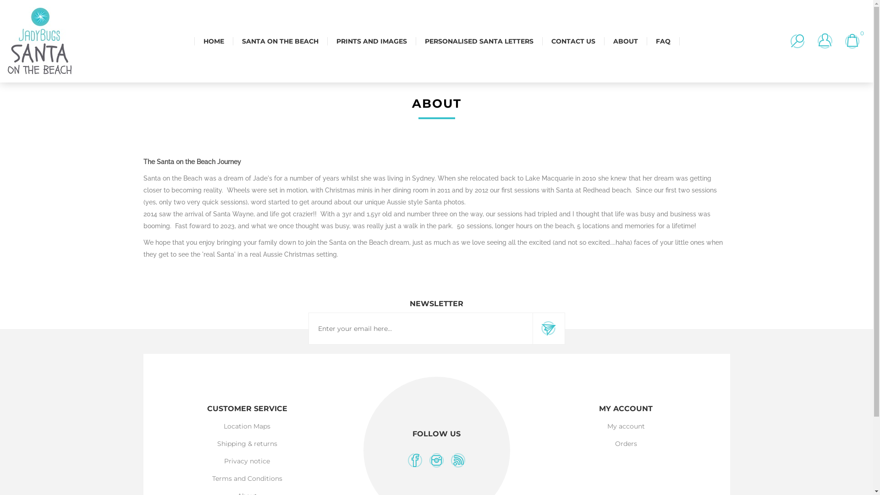 This screenshot has height=495, width=880. I want to click on 'JadyBugs Santa On The Beach', so click(39, 40).